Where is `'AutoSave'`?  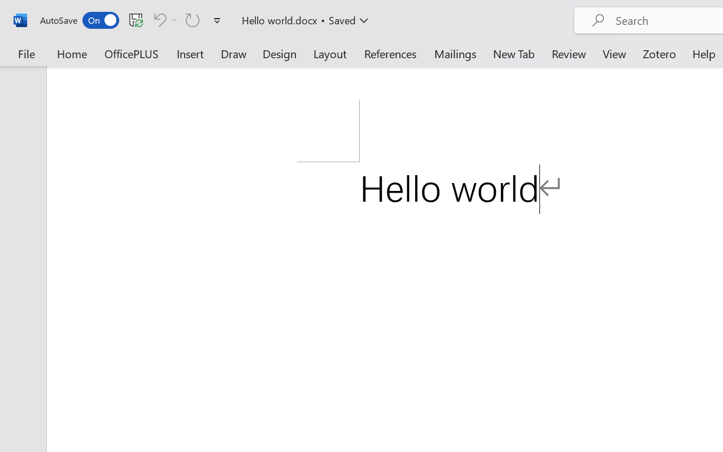 'AutoSave' is located at coordinates (79, 20).